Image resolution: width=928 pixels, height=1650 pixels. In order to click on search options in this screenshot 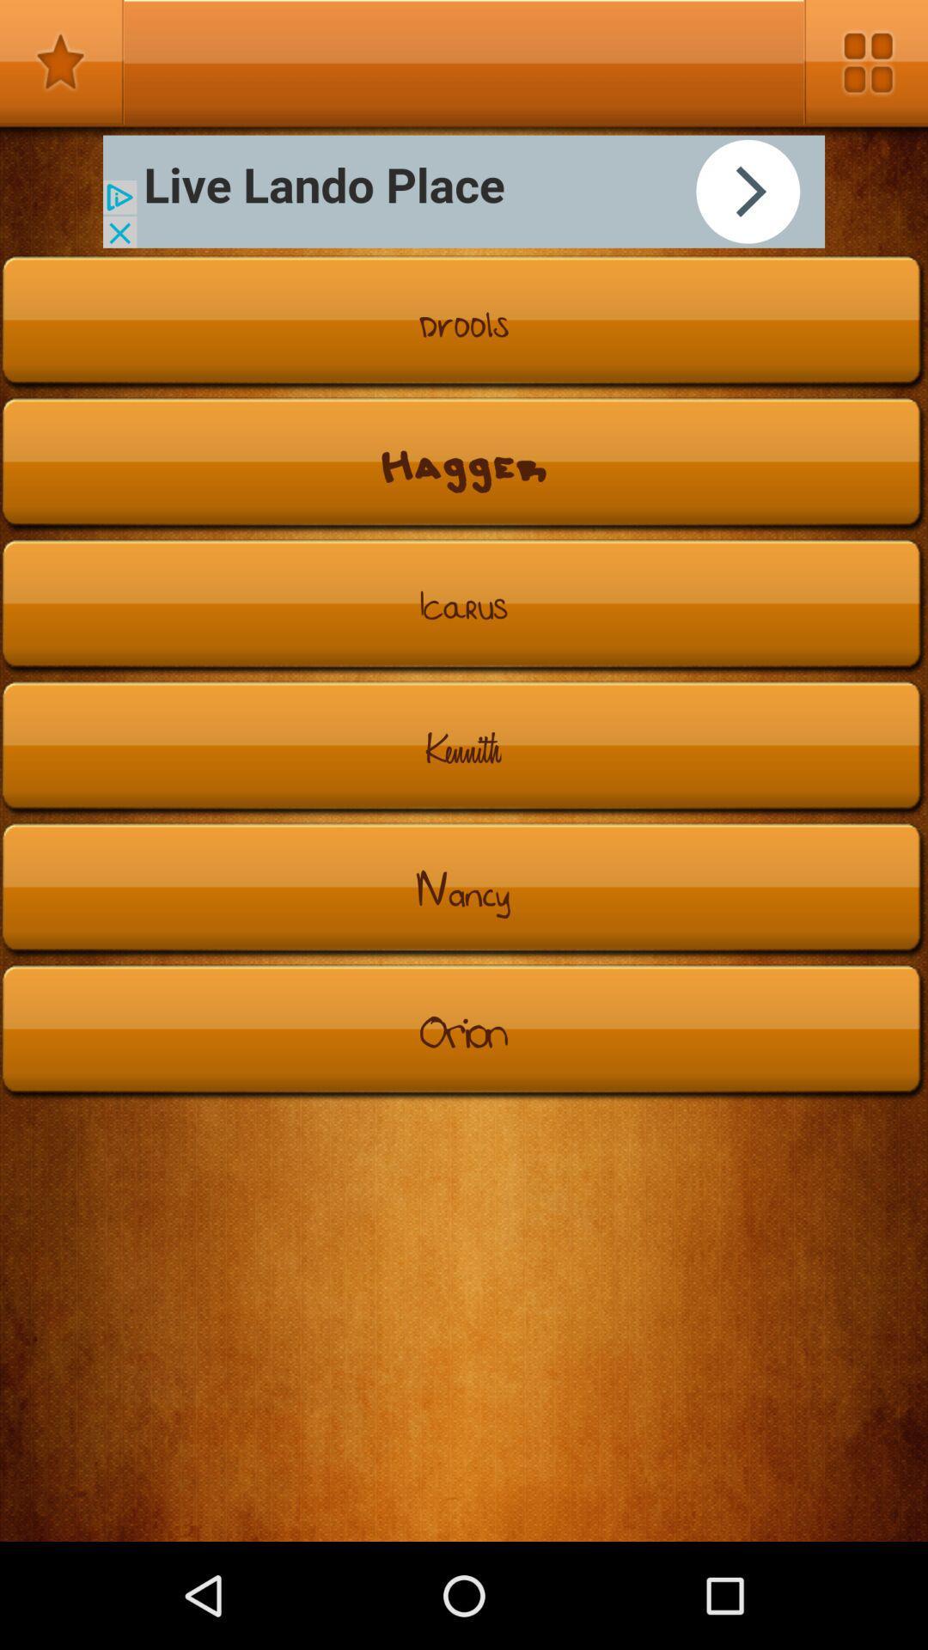, I will do `click(865, 62)`.